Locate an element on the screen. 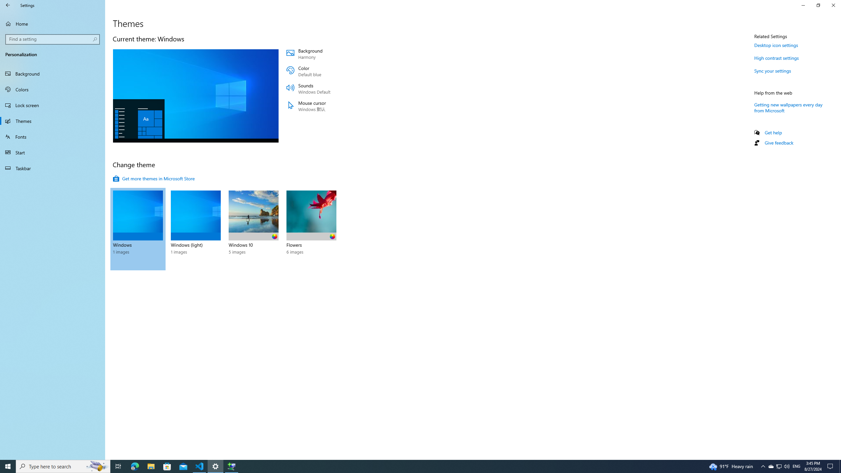 The width and height of the screenshot is (841, 473). 'Themes' is located at coordinates (52, 121).